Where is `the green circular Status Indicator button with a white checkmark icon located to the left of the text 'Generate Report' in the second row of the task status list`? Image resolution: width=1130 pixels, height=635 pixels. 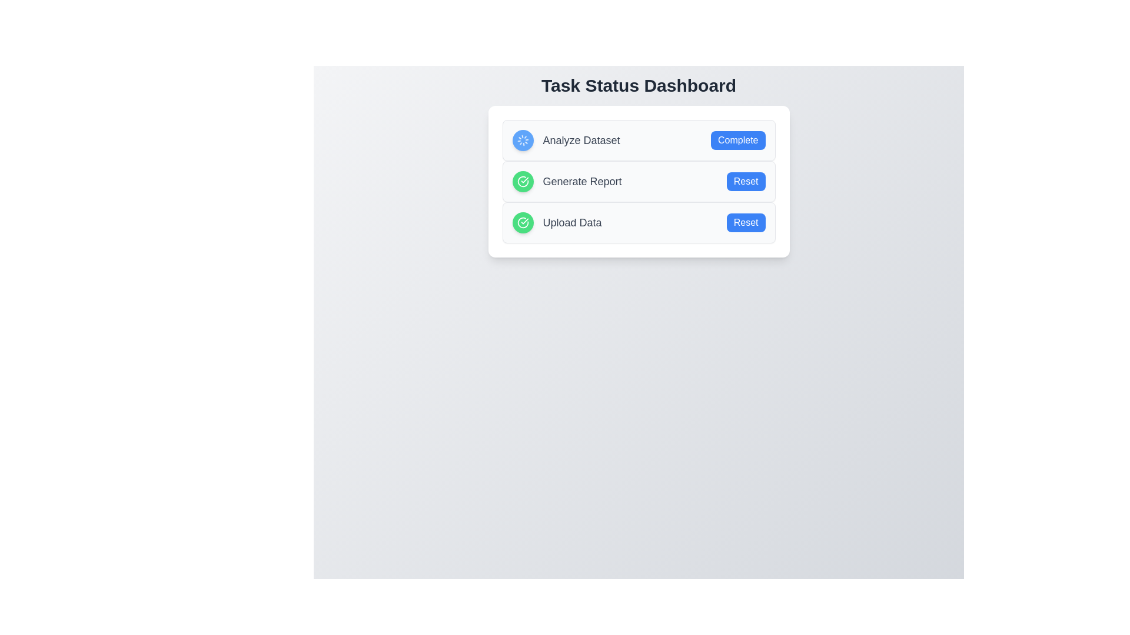 the green circular Status Indicator button with a white checkmark icon located to the left of the text 'Generate Report' in the second row of the task status list is located at coordinates (522, 181).